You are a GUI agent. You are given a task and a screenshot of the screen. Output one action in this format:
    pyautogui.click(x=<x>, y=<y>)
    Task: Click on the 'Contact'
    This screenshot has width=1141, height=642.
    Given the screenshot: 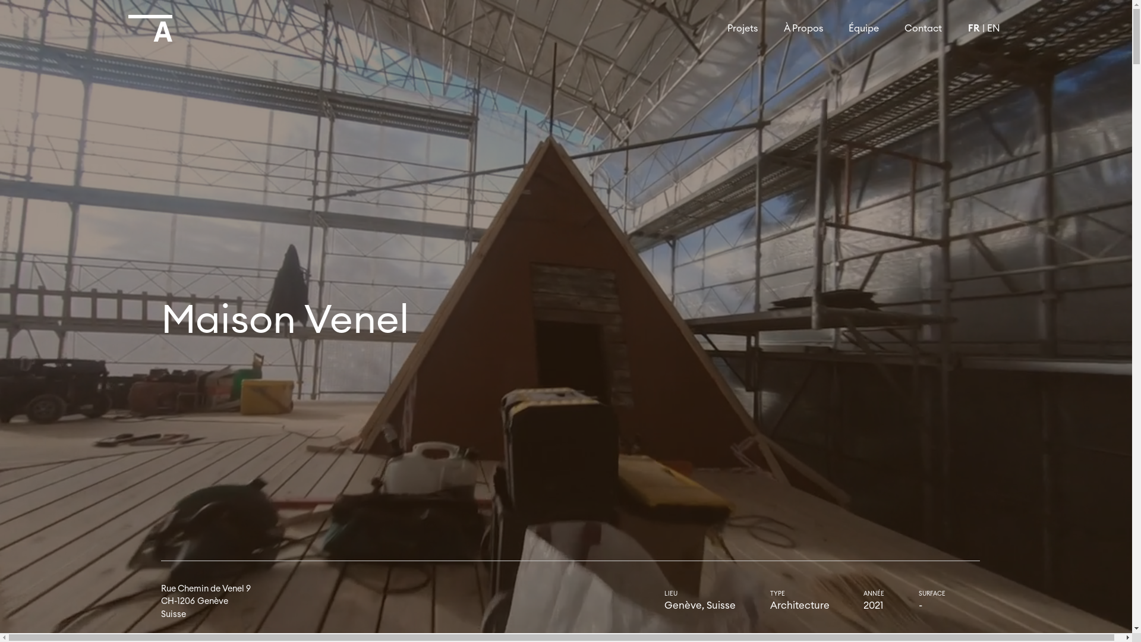 What is the action you would take?
    pyautogui.click(x=923, y=27)
    